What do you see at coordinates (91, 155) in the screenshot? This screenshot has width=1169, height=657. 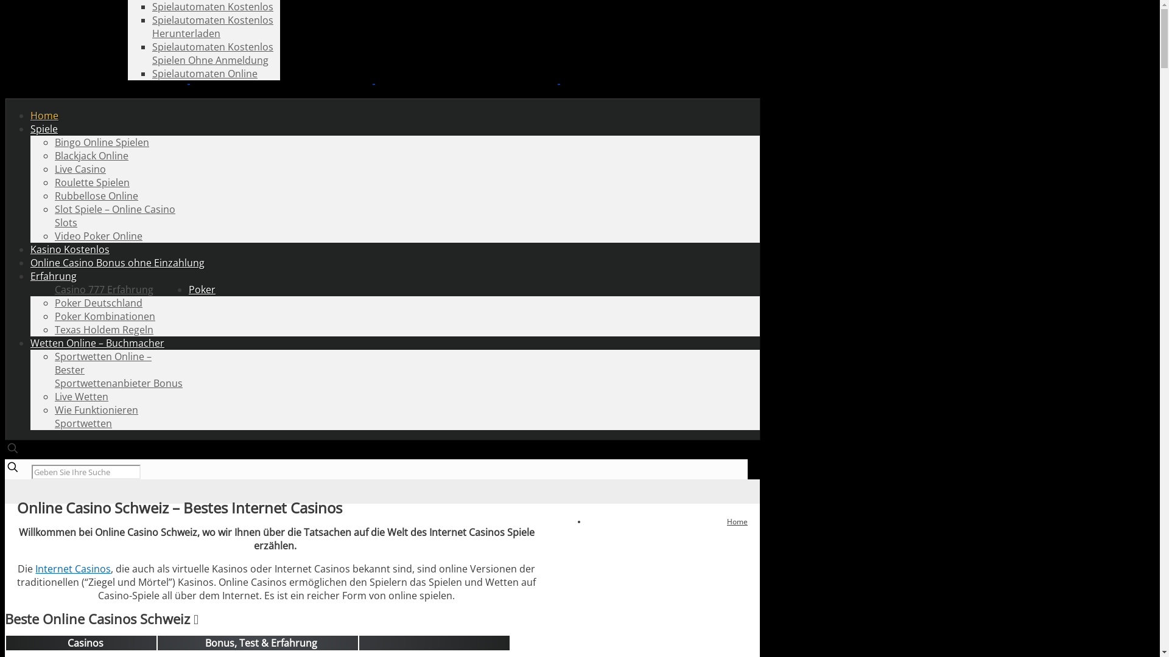 I see `'Blackjack Online'` at bounding box center [91, 155].